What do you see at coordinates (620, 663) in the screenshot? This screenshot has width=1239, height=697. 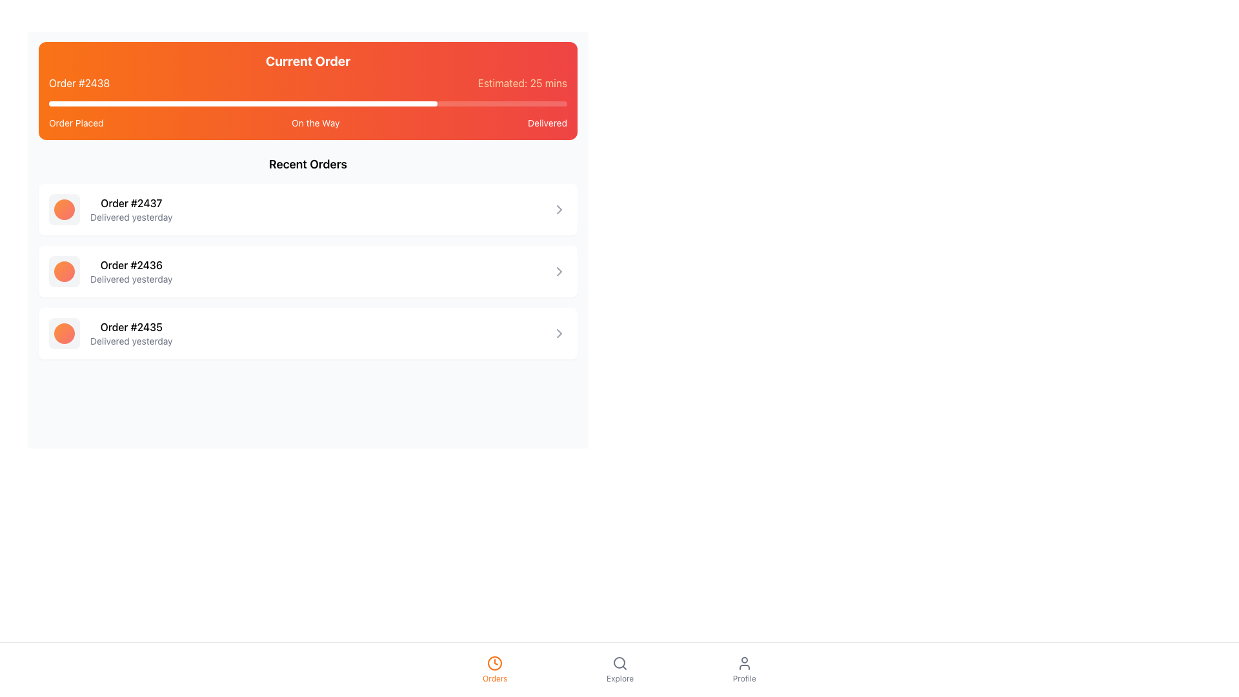 I see `the magnifying glass icon in the bottom navigation bar, which is associated with the 'Explore' functionality` at bounding box center [620, 663].